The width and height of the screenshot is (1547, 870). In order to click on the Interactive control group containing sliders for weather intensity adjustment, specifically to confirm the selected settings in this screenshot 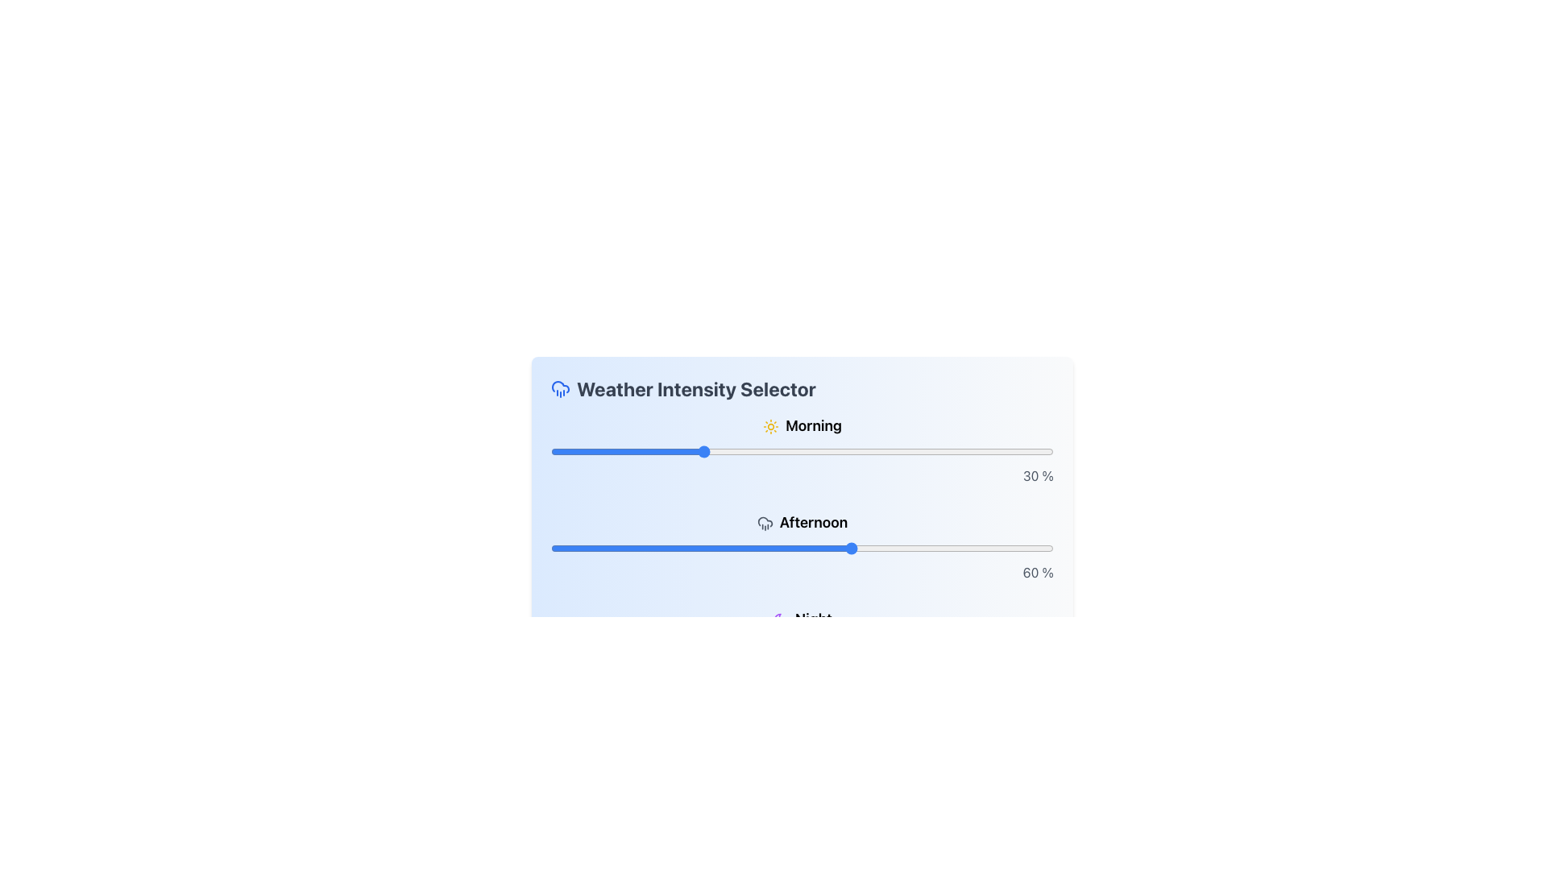, I will do `click(803, 555)`.